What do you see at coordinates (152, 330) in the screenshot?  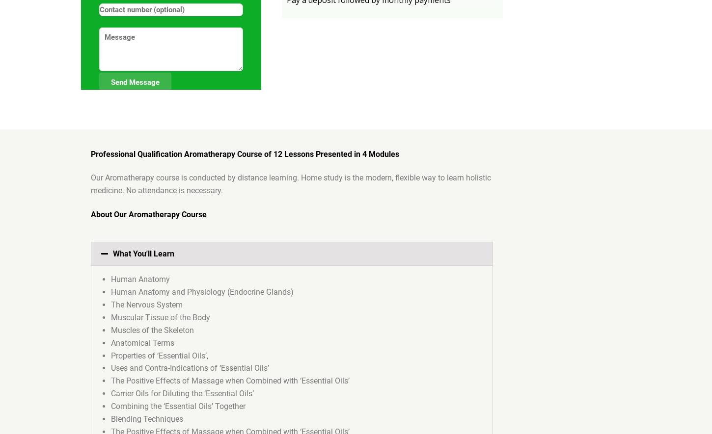 I see `'Muscles of the Skeleton'` at bounding box center [152, 330].